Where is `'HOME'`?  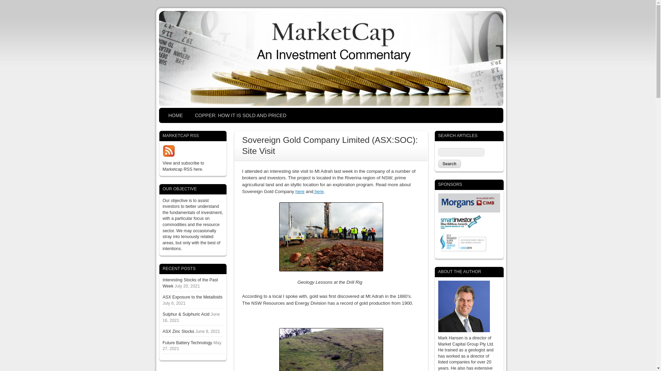 'HOME' is located at coordinates (162, 115).